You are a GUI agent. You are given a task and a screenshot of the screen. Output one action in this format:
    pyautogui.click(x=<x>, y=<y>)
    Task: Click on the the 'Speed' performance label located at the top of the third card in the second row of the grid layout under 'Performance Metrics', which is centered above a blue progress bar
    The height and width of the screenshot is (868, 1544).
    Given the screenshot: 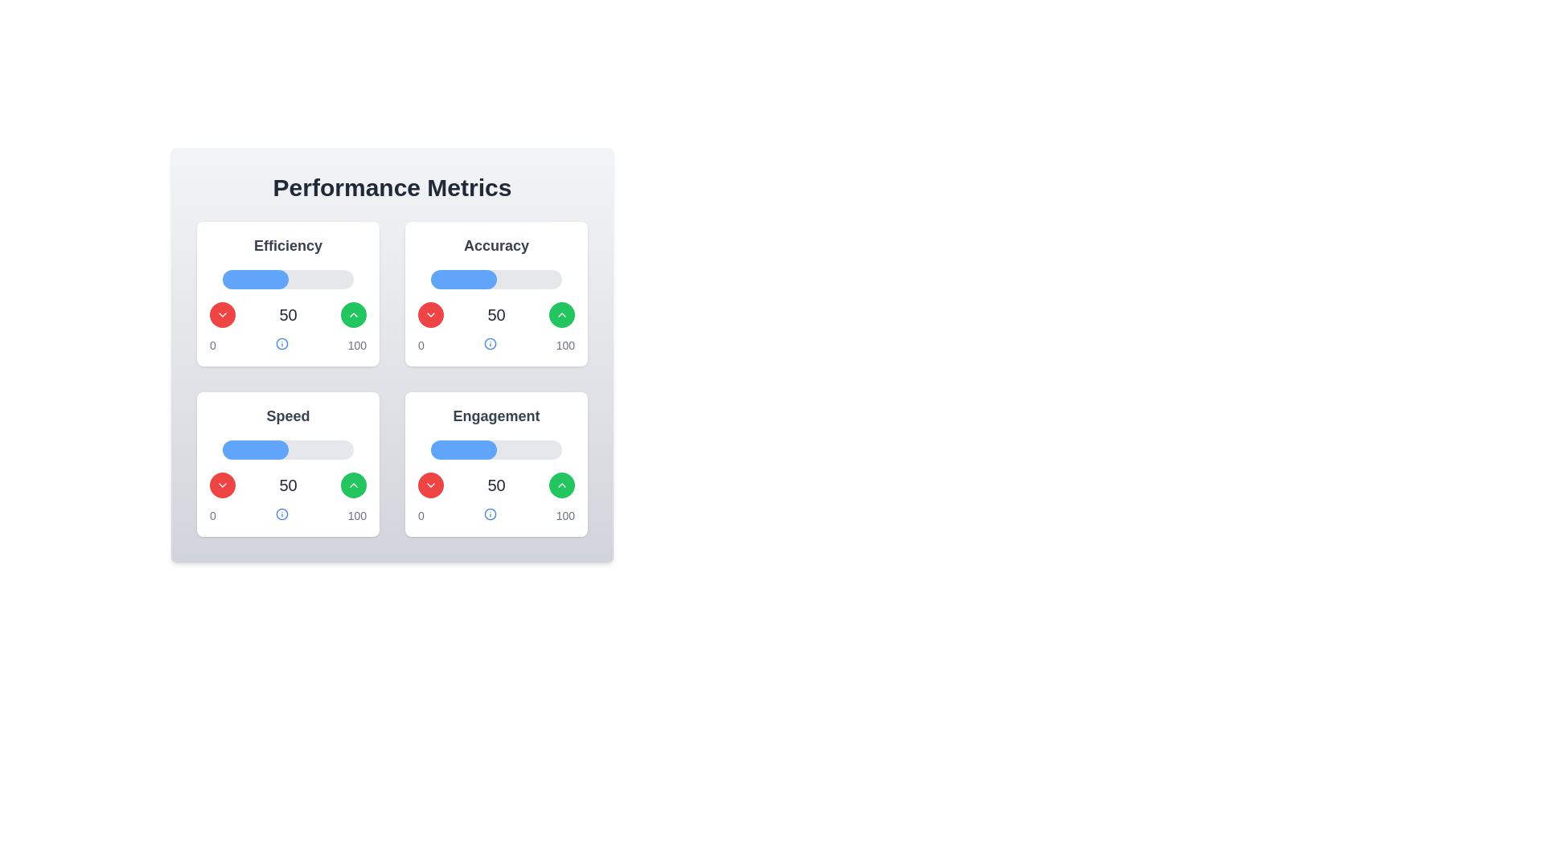 What is the action you would take?
    pyautogui.click(x=288, y=415)
    